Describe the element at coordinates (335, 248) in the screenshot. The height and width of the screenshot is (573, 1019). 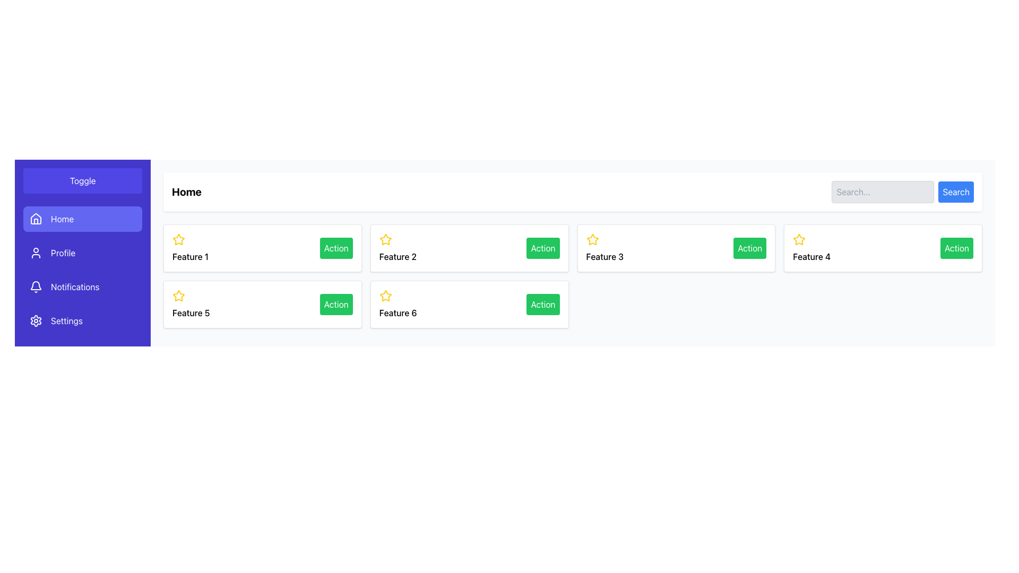
I see `the green button labeled 'Action'` at that location.